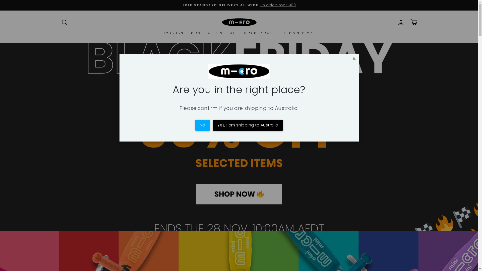 This screenshot has width=482, height=271. I want to click on 'TODDLERS', so click(173, 33).